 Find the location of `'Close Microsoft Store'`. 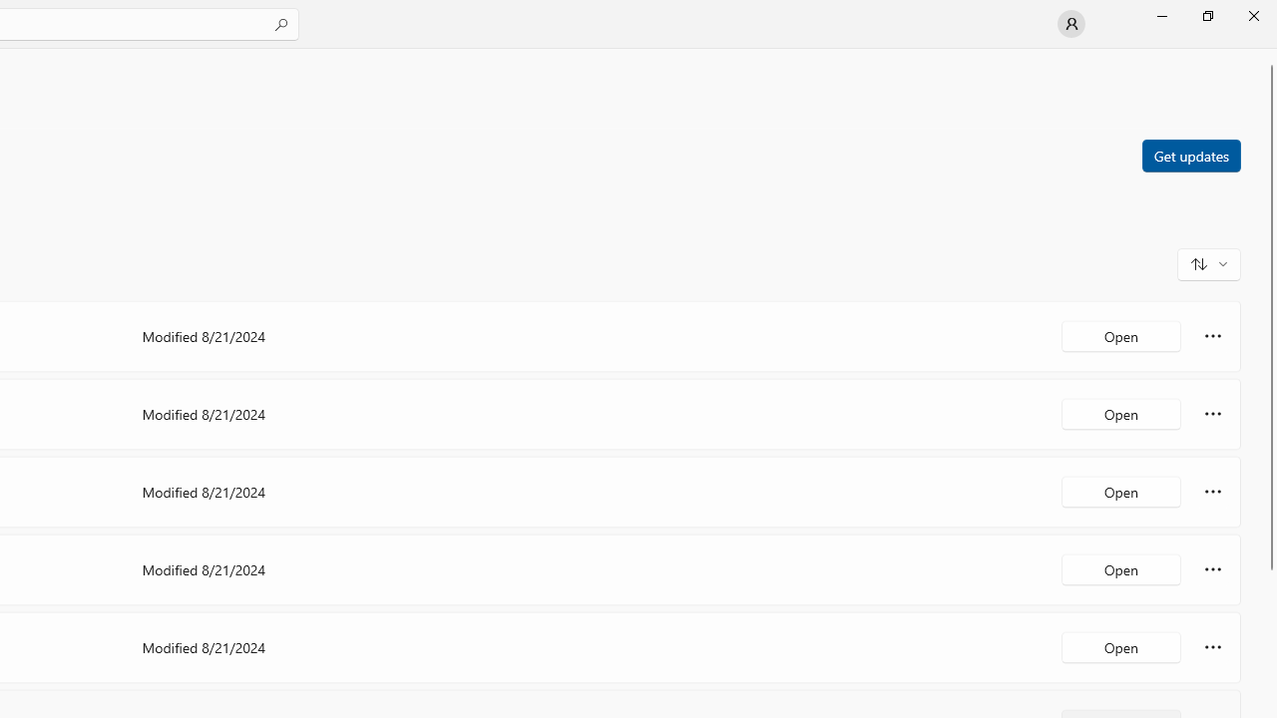

'Close Microsoft Store' is located at coordinates (1252, 15).